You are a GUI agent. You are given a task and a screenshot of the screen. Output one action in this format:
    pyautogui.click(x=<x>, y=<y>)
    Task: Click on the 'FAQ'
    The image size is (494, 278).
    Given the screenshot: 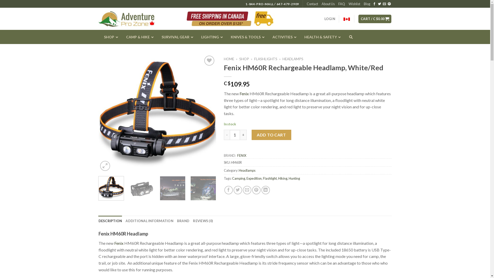 What is the action you would take?
    pyautogui.click(x=342, y=4)
    